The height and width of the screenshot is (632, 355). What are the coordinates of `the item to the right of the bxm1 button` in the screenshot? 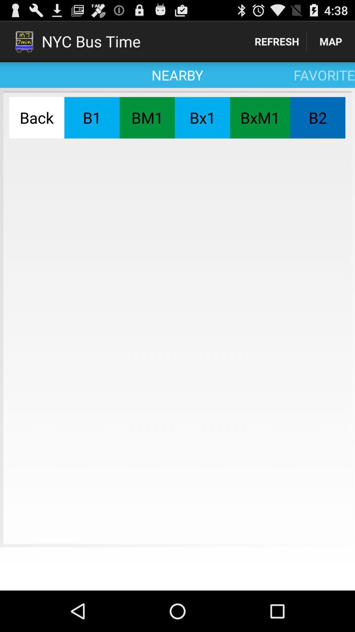 It's located at (317, 118).